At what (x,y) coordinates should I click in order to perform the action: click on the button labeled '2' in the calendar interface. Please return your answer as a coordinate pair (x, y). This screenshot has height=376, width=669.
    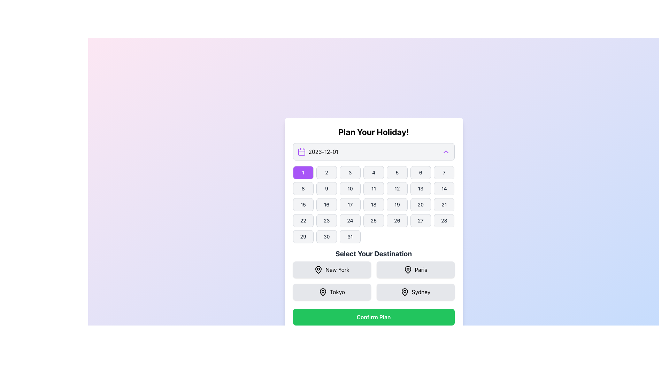
    Looking at the image, I should click on (326, 172).